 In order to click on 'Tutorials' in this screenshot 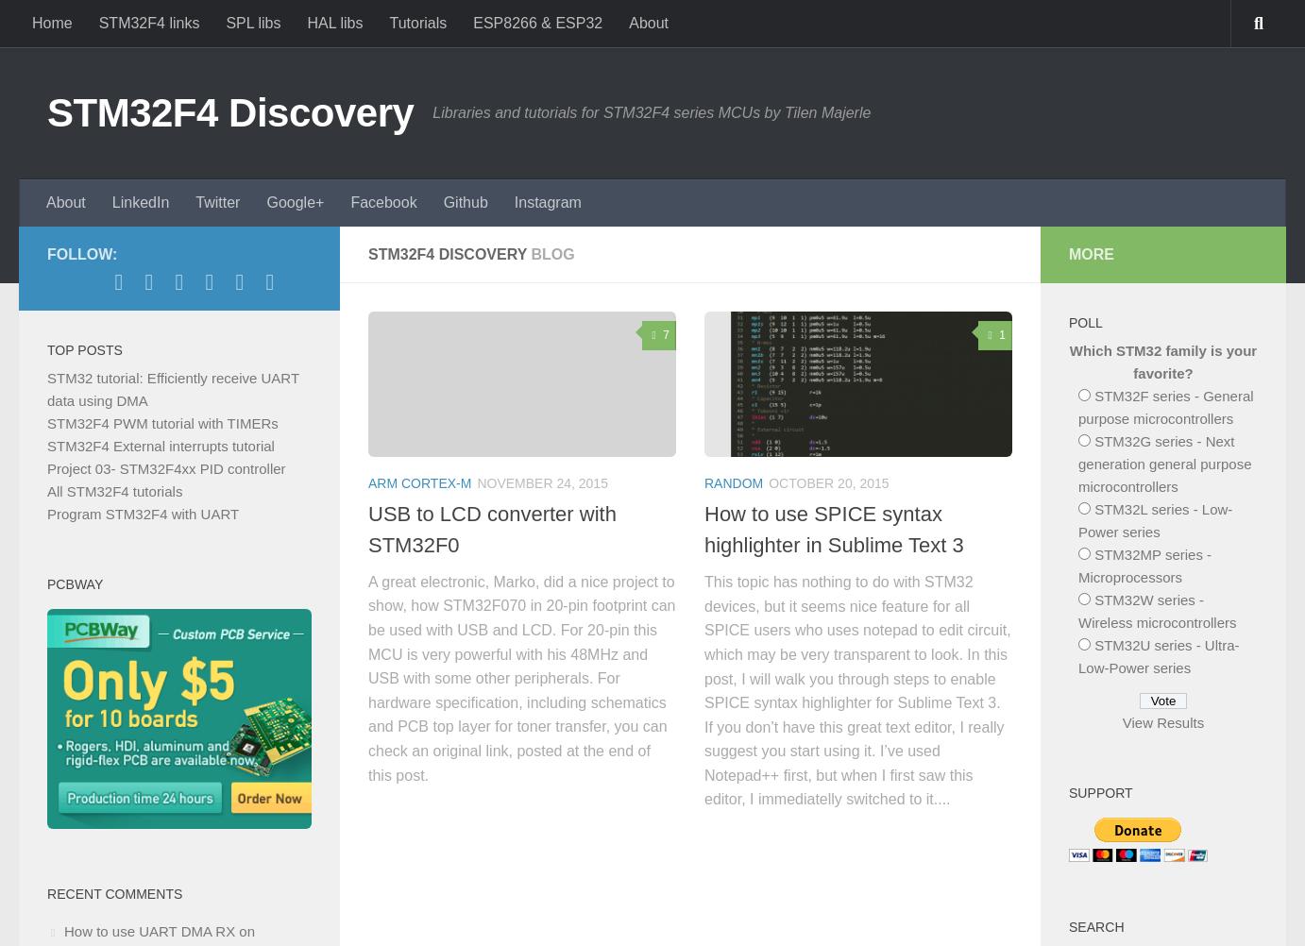, I will do `click(416, 23)`.